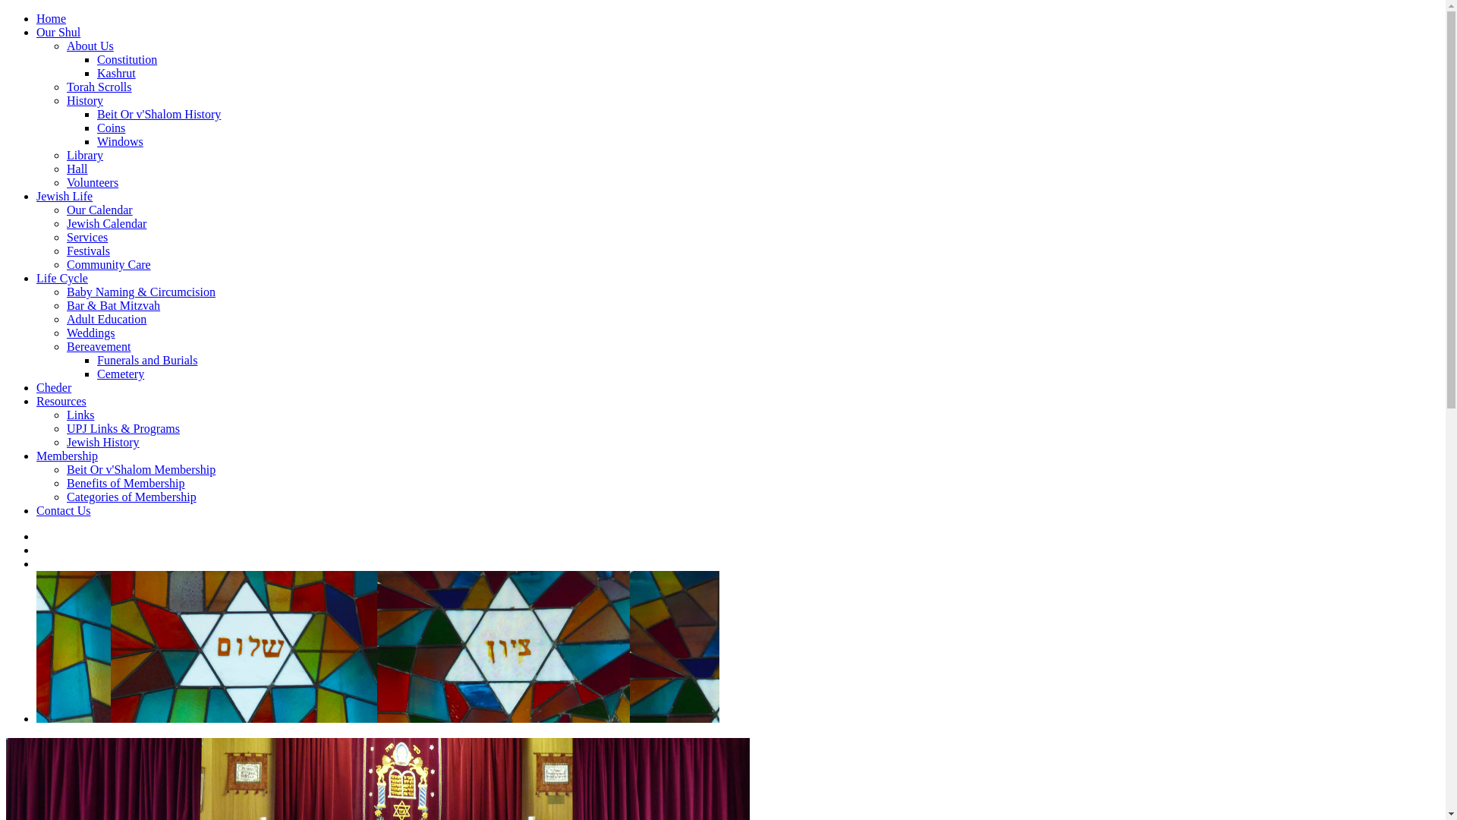 Image resolution: width=1457 pixels, height=820 pixels. What do you see at coordinates (105, 223) in the screenshot?
I see `'Jewish Calendar'` at bounding box center [105, 223].